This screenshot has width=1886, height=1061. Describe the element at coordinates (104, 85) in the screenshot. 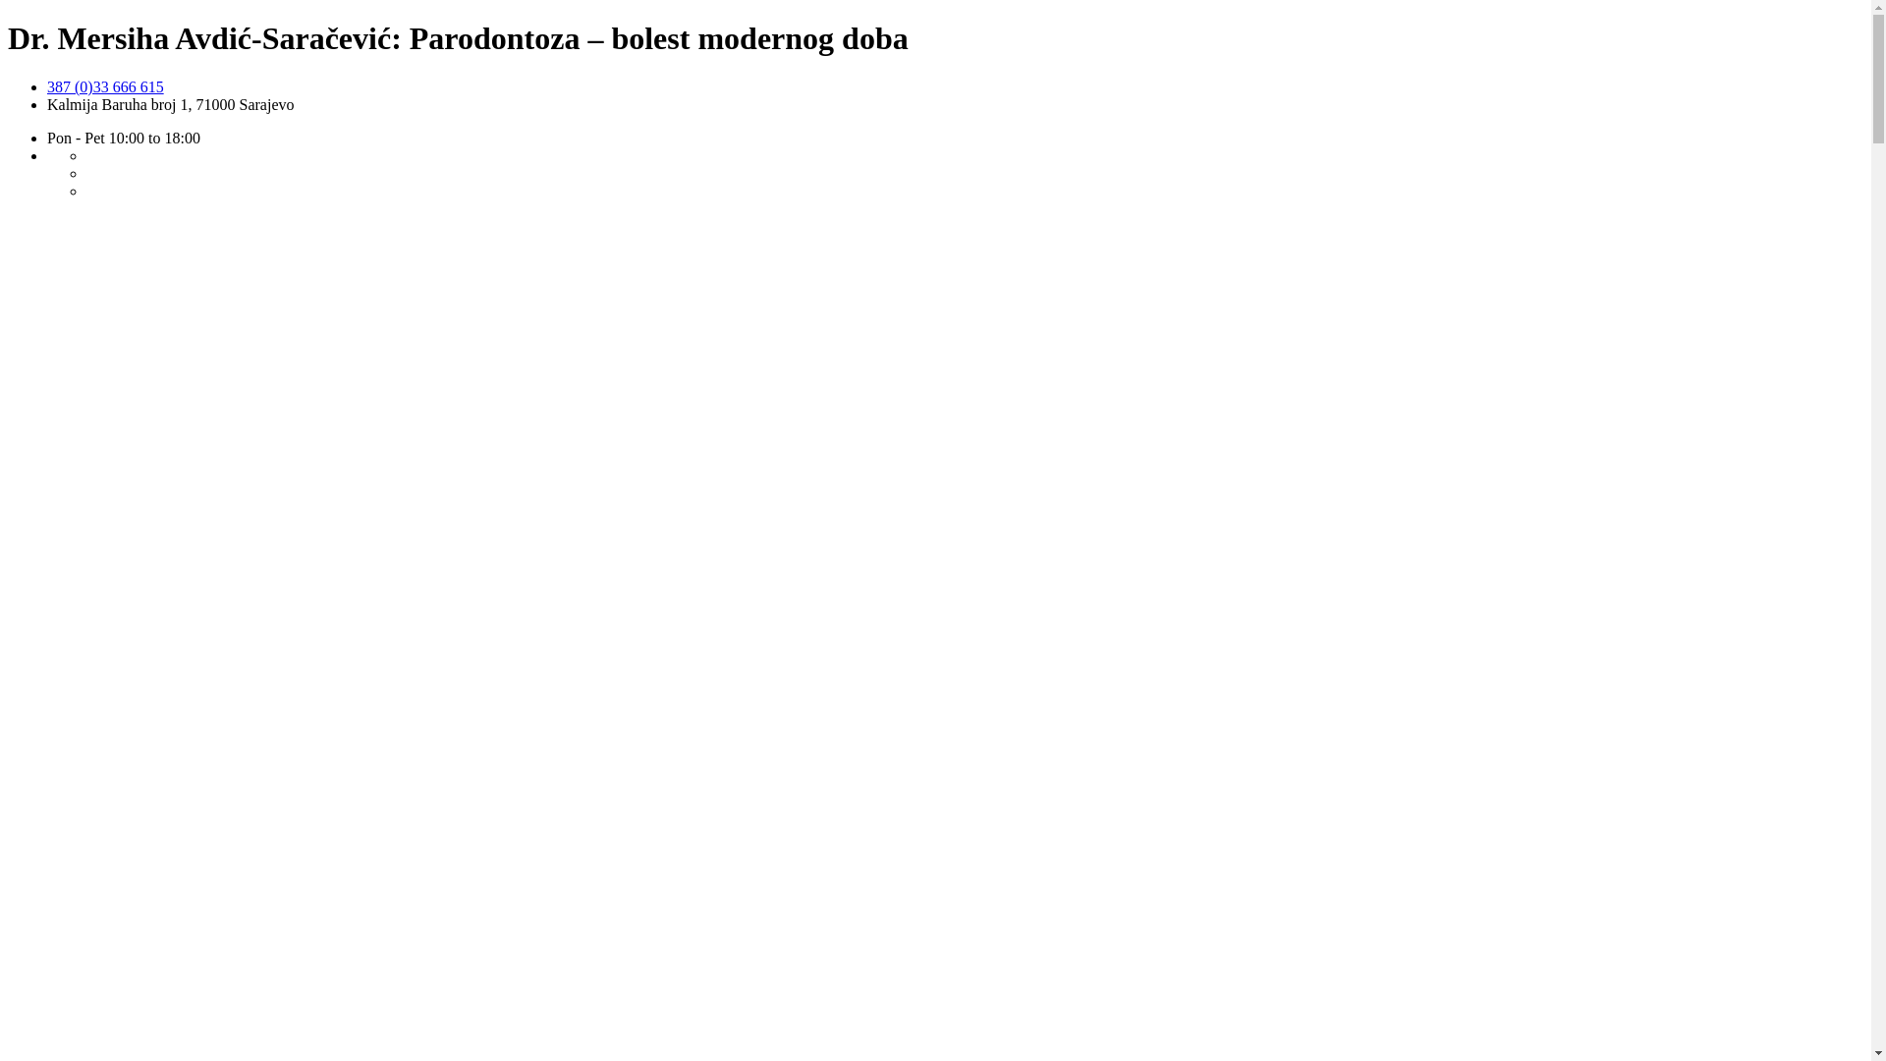

I see `'387 (0)33 666 615'` at that location.